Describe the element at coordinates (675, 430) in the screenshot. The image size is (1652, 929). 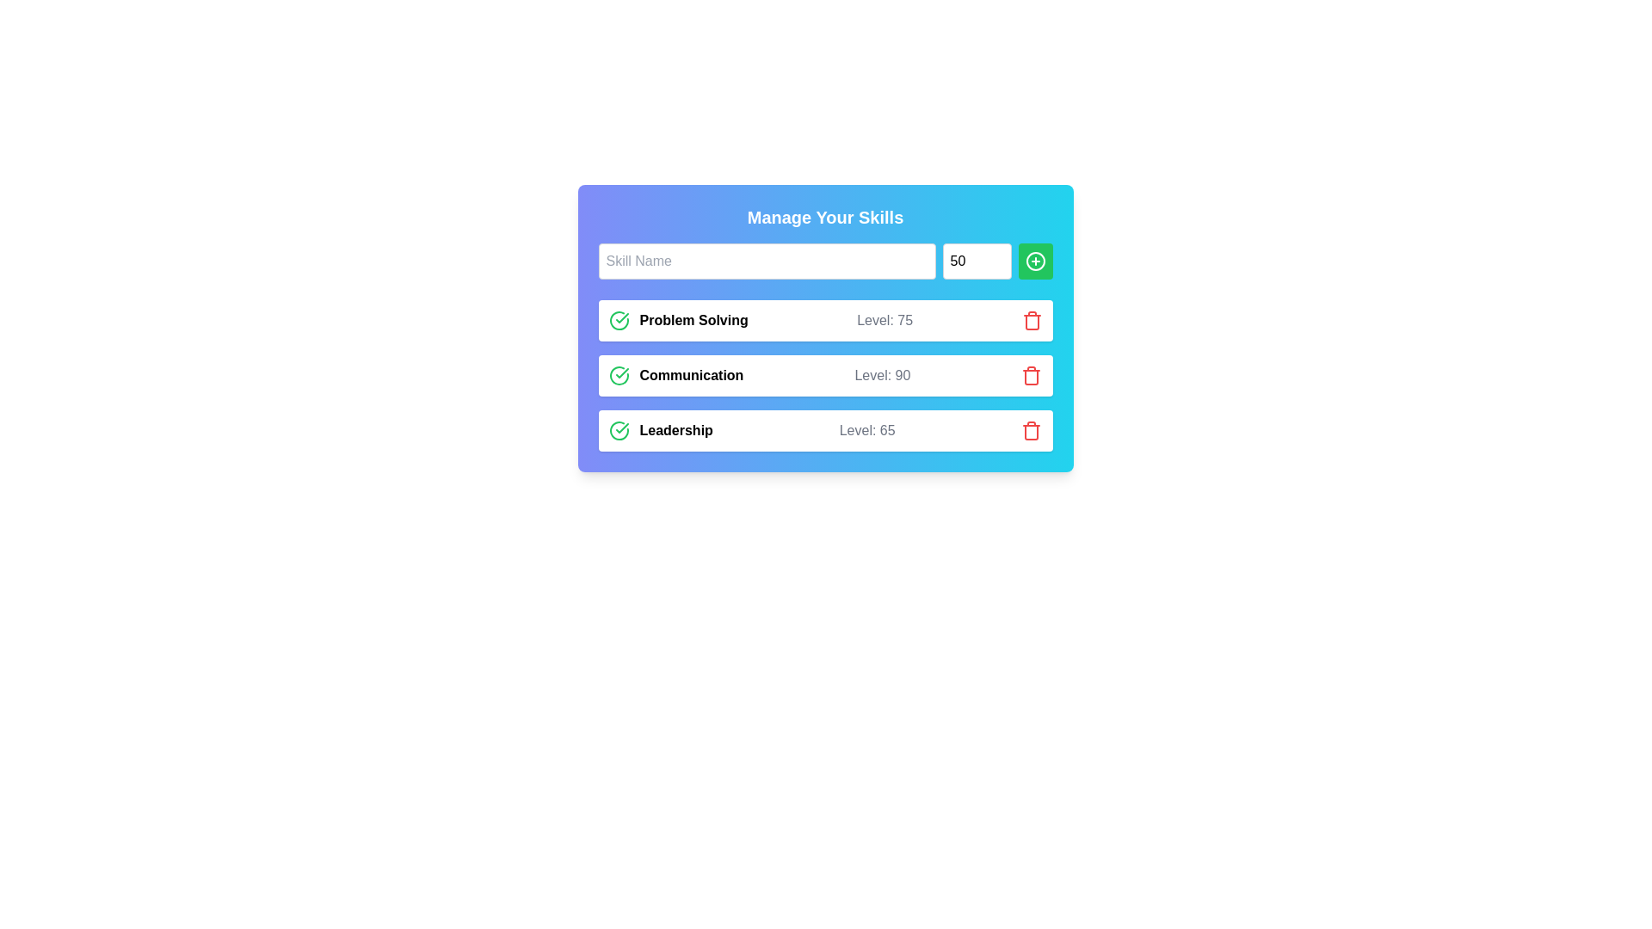
I see `the text label displaying 'Leadership', which is styled in bold and located next to a green checkmark icon in the skill management list` at that location.